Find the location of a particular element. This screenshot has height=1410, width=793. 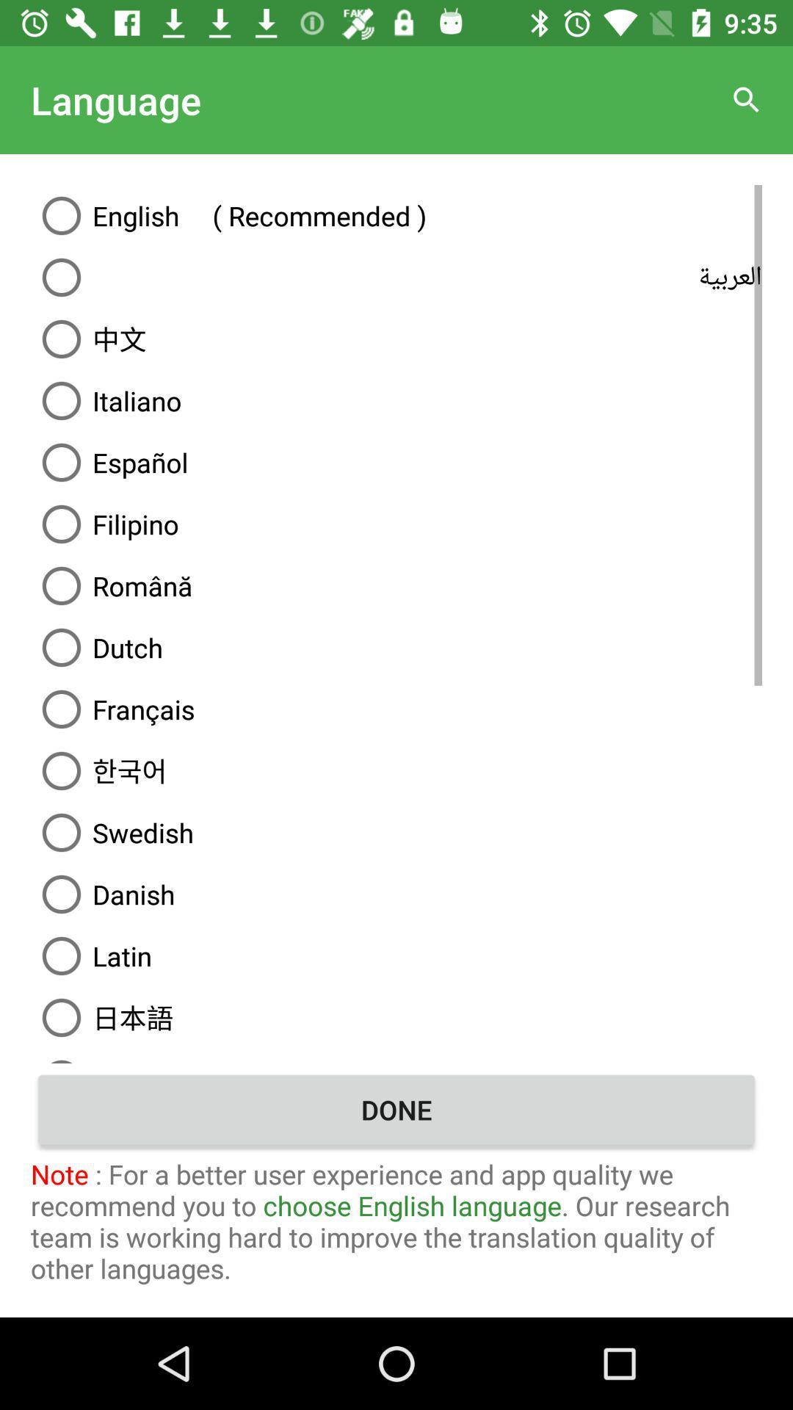

icon above the done is located at coordinates (396, 1055).